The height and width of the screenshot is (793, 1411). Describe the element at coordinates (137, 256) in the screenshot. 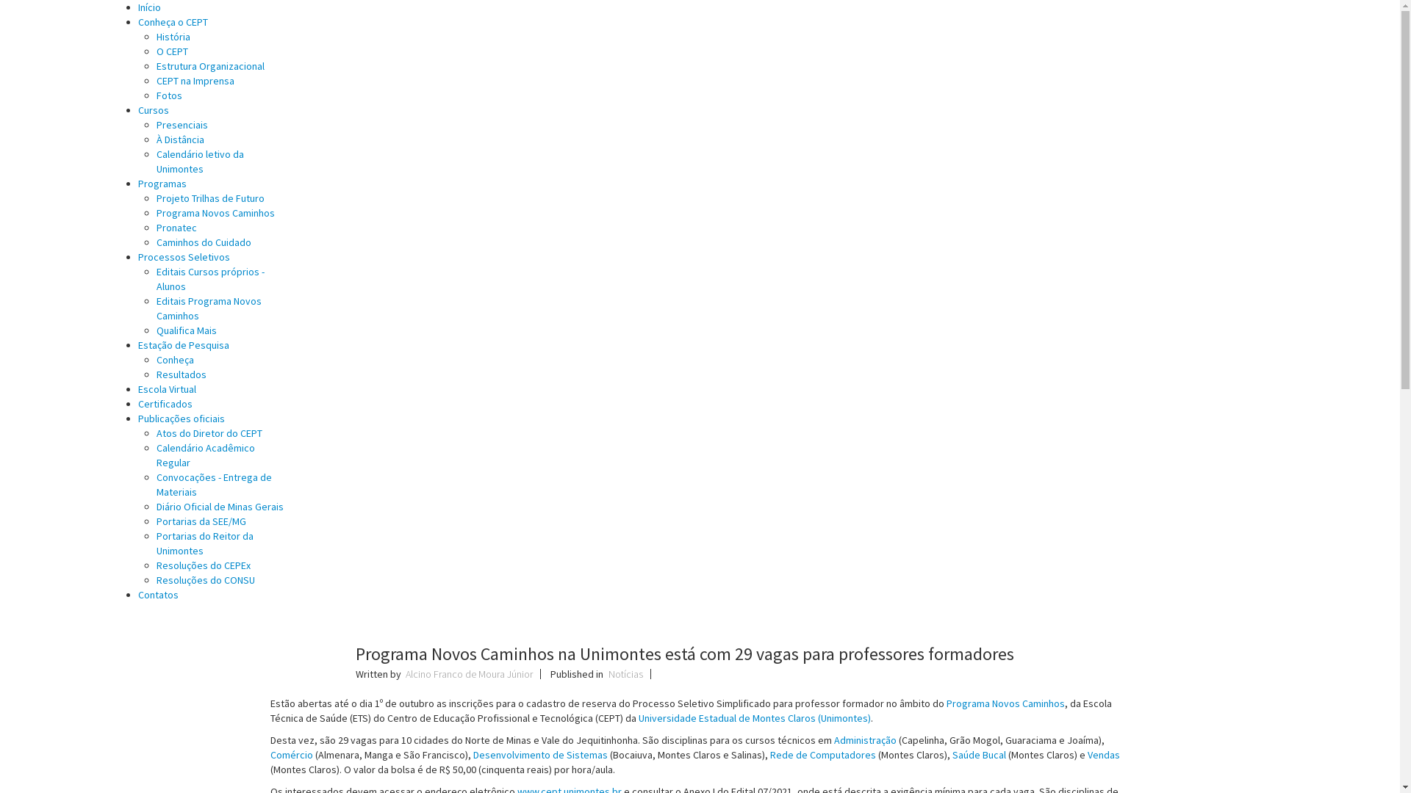

I see `'Processos Seletivos'` at that location.